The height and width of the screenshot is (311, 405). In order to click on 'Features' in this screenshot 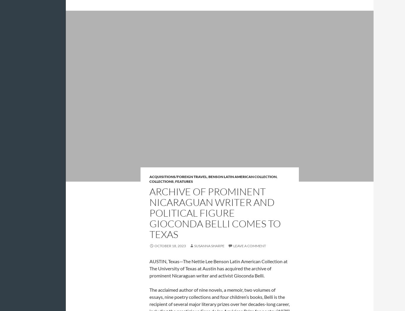, I will do `click(184, 181)`.